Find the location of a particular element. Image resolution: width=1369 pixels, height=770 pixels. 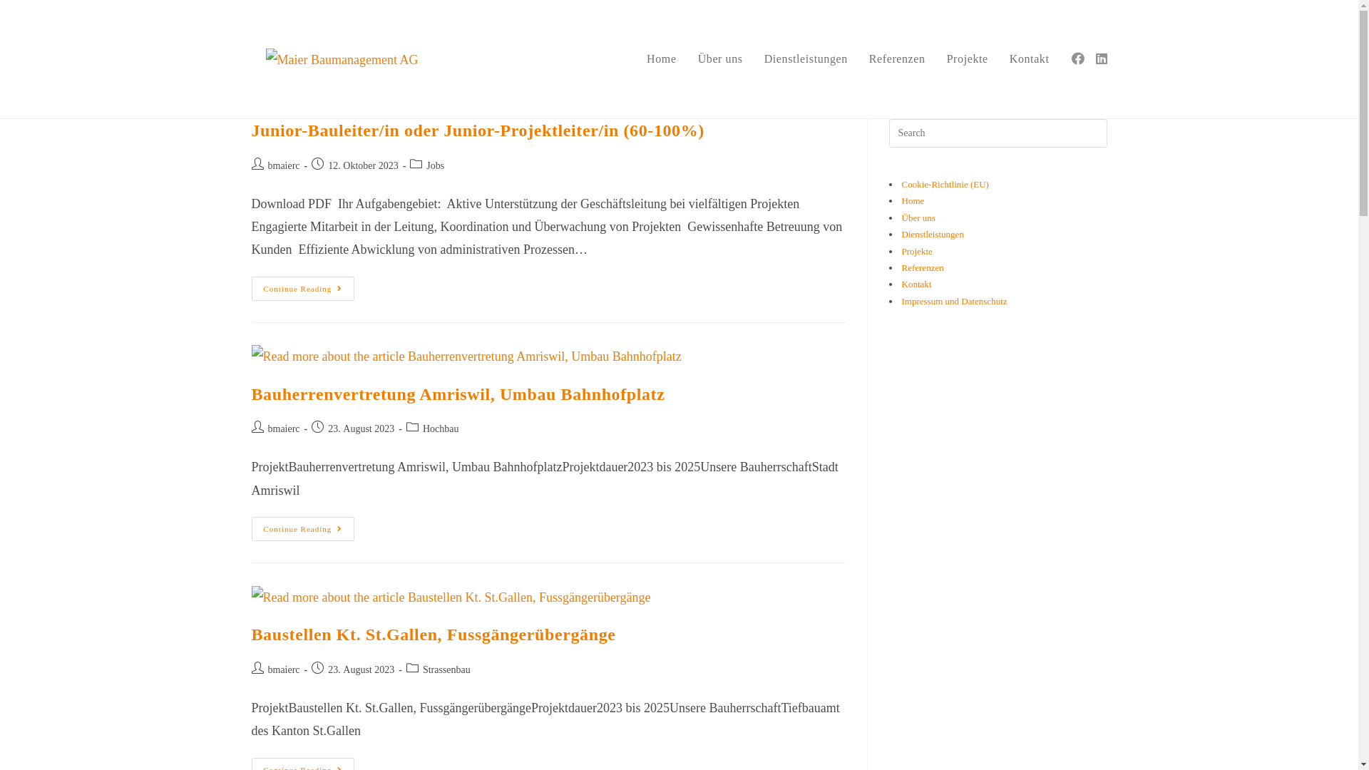

'bmaierc' is located at coordinates (284, 165).